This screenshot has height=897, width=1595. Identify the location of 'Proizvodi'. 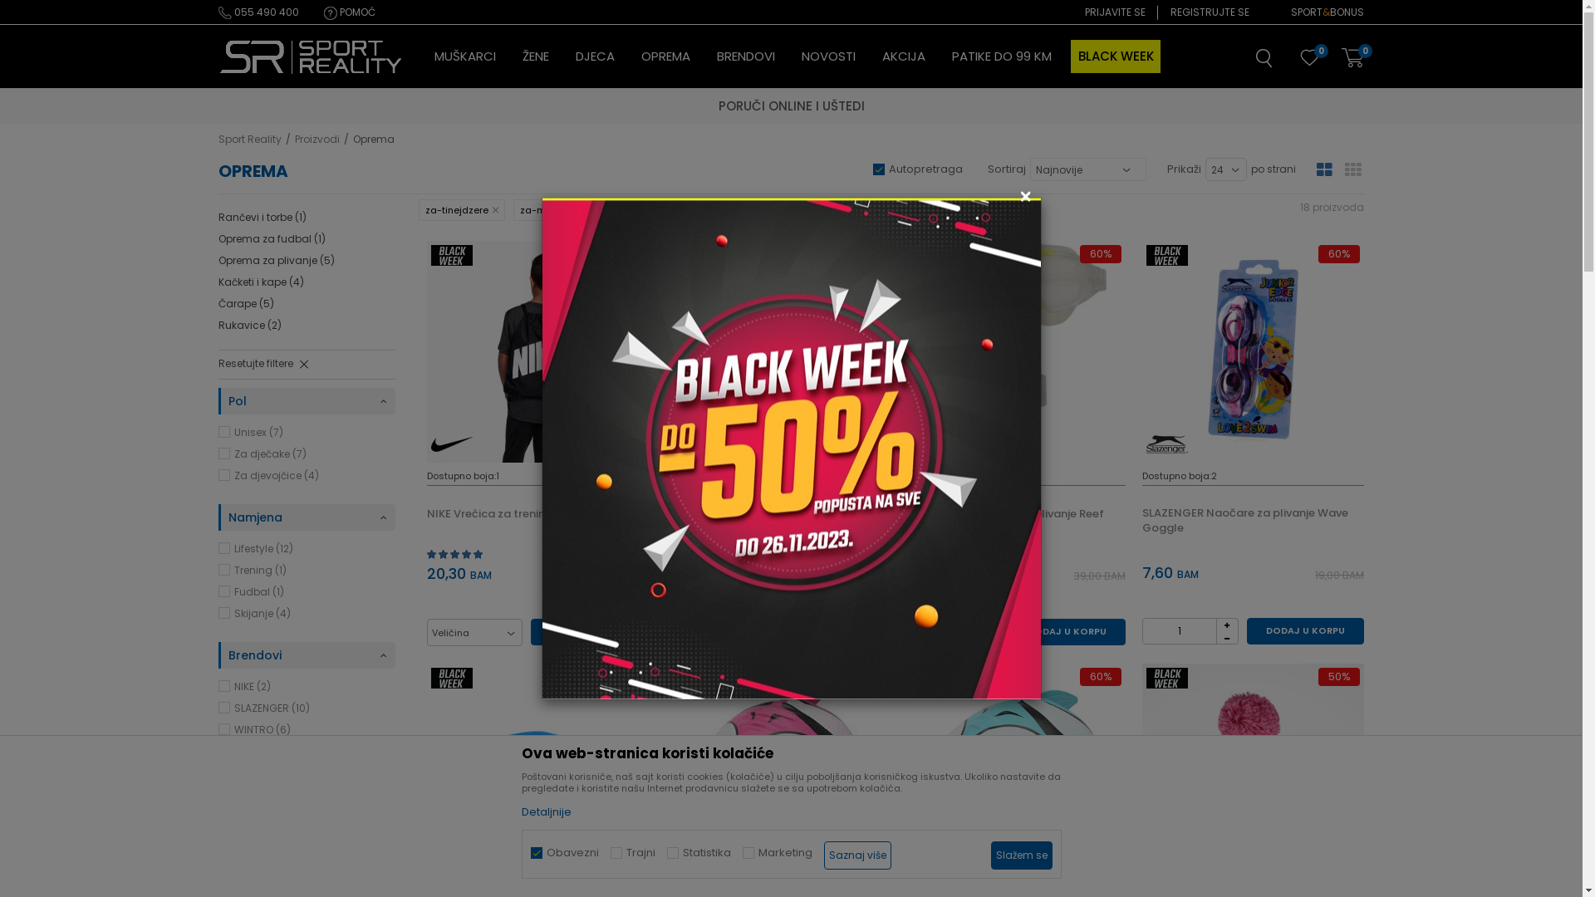
(316, 138).